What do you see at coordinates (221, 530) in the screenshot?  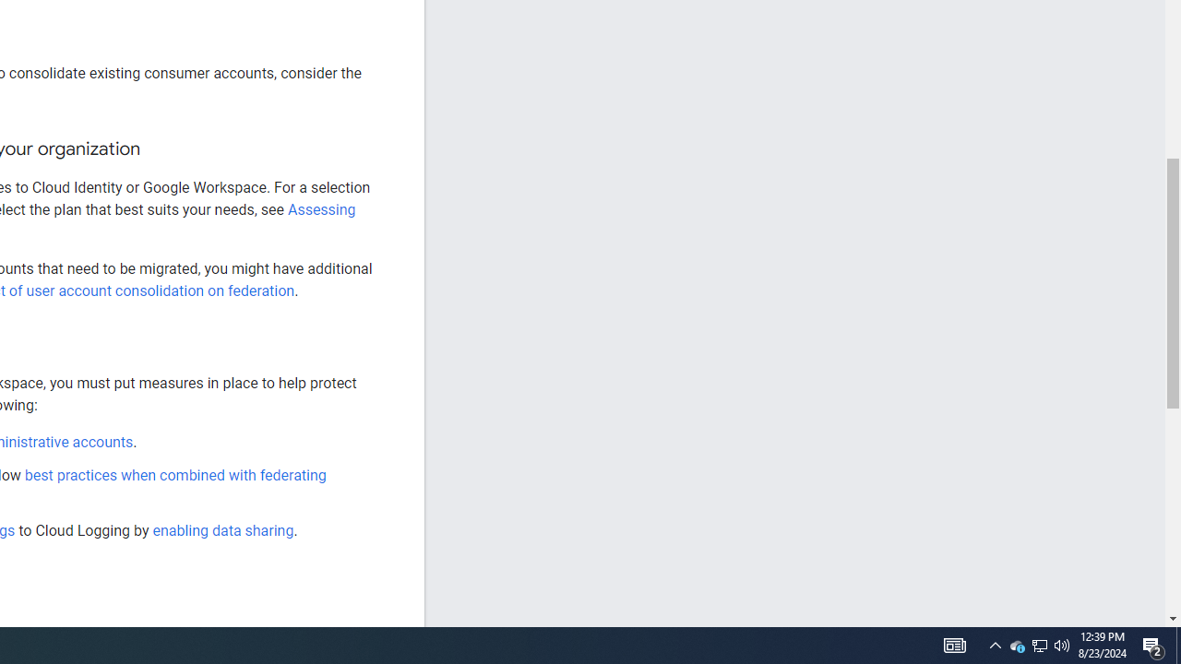 I see `'enabling data sharing'` at bounding box center [221, 530].